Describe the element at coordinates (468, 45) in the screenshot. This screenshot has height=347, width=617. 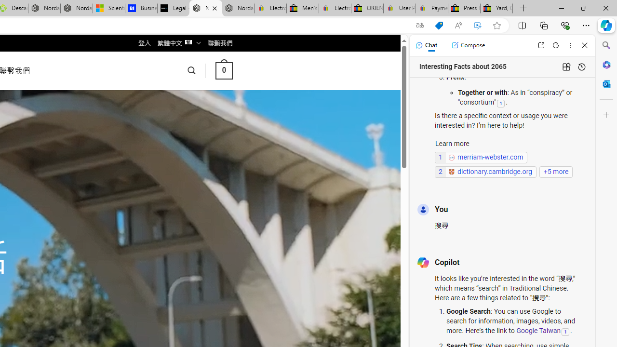
I see `'Compose'` at that location.